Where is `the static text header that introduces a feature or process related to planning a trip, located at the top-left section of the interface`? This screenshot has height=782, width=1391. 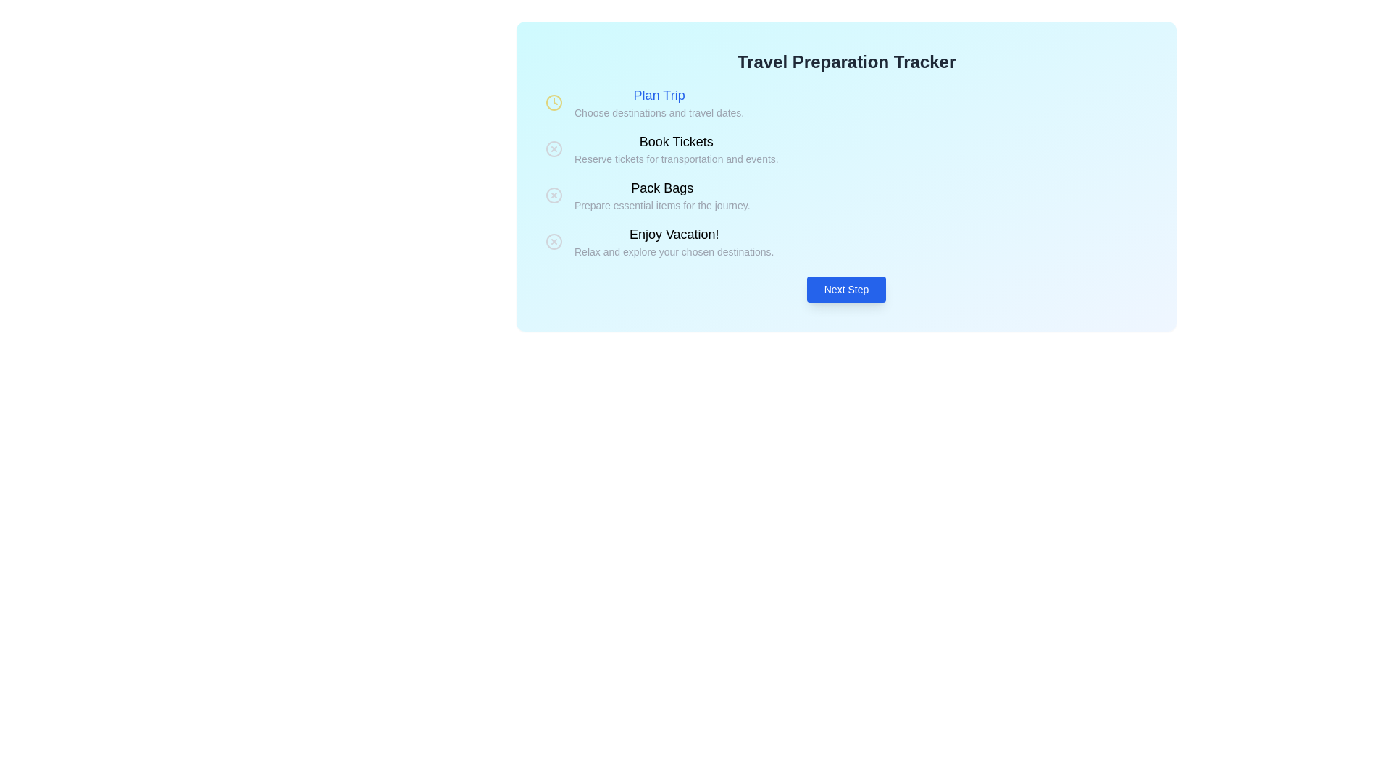 the static text header that introduces a feature or process related to planning a trip, located at the top-left section of the interface is located at coordinates (659, 95).